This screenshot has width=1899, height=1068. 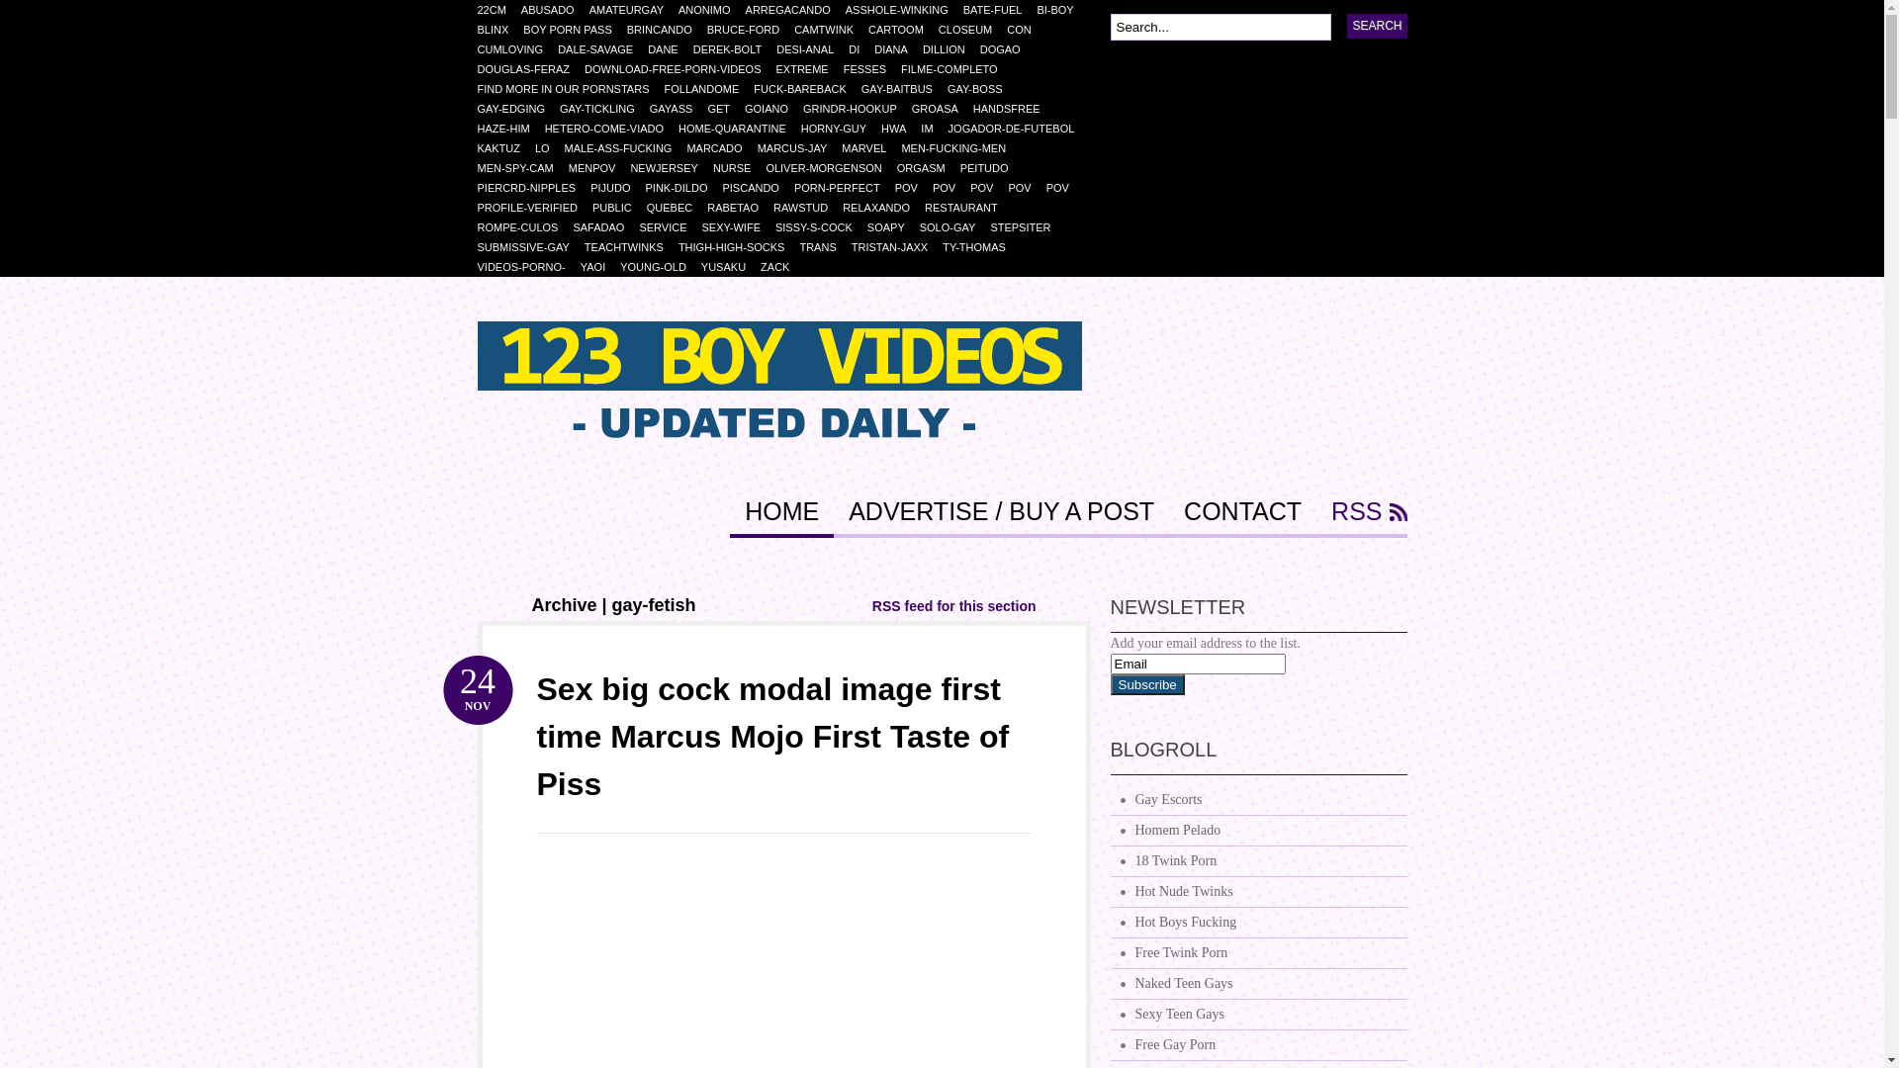 I want to click on 'BRUCE-FORD', so click(x=749, y=30).